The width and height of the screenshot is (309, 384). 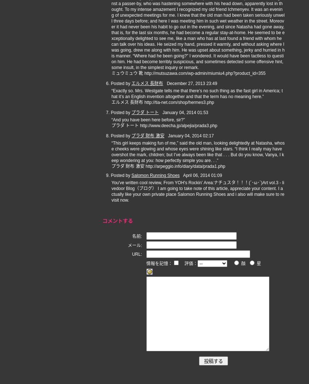 What do you see at coordinates (185, 113) in the screenshot?
I see `'January 04, 2014 01:53'` at bounding box center [185, 113].